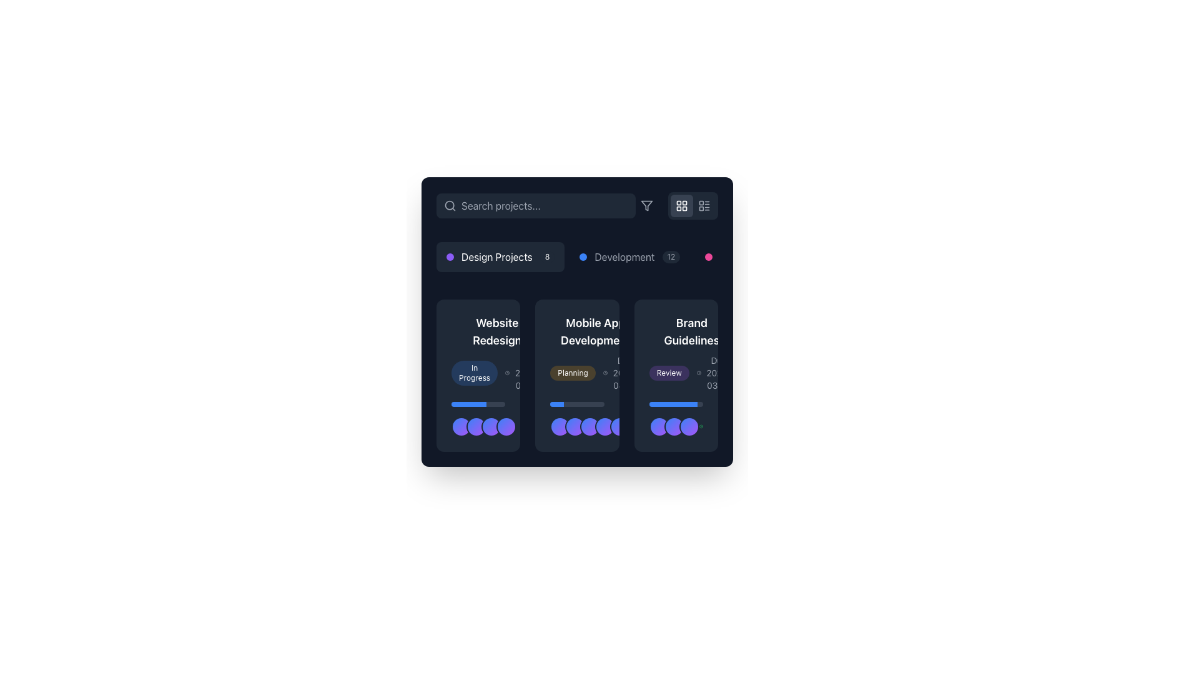 The width and height of the screenshot is (1199, 674). What do you see at coordinates (704, 205) in the screenshot?
I see `the rounded button icon with a dark background and a list layout glyph located in the top-right corner of the interface` at bounding box center [704, 205].